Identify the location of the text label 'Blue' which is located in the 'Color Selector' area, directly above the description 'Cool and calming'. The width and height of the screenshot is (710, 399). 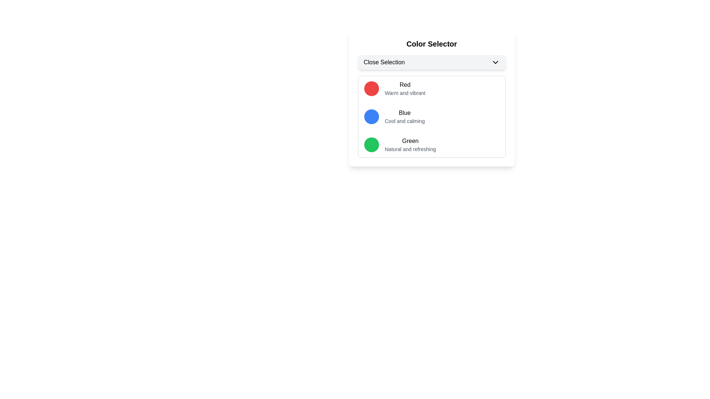
(404, 113).